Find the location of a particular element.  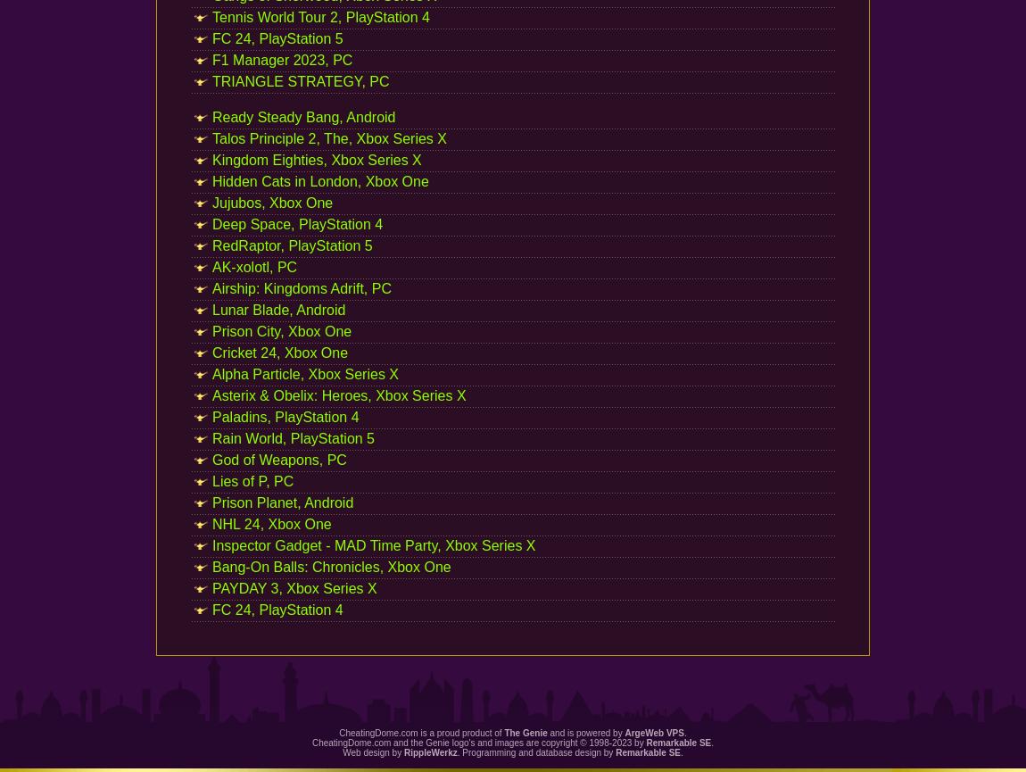

'RedRaptor, PlayStation 5' is located at coordinates (292, 245).